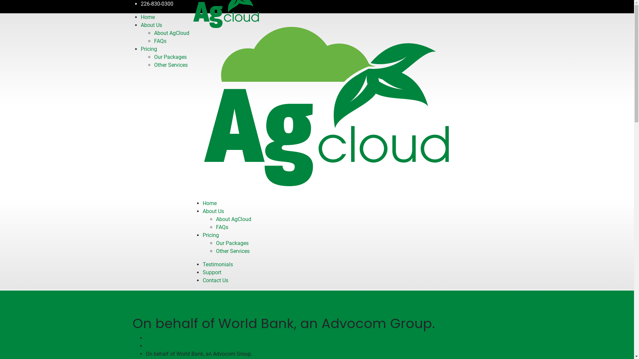 This screenshot has height=359, width=639. What do you see at coordinates (232, 251) in the screenshot?
I see `'Other Services'` at bounding box center [232, 251].